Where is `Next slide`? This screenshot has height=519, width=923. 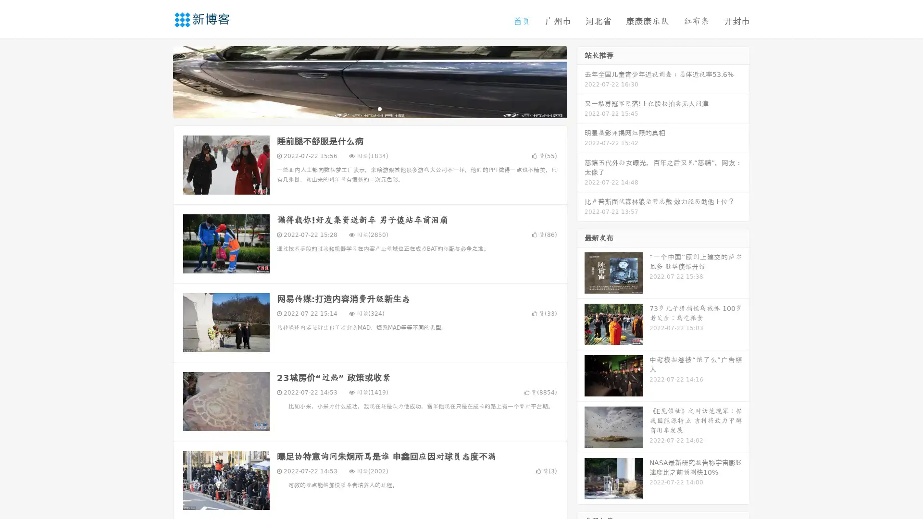
Next slide is located at coordinates (581, 81).